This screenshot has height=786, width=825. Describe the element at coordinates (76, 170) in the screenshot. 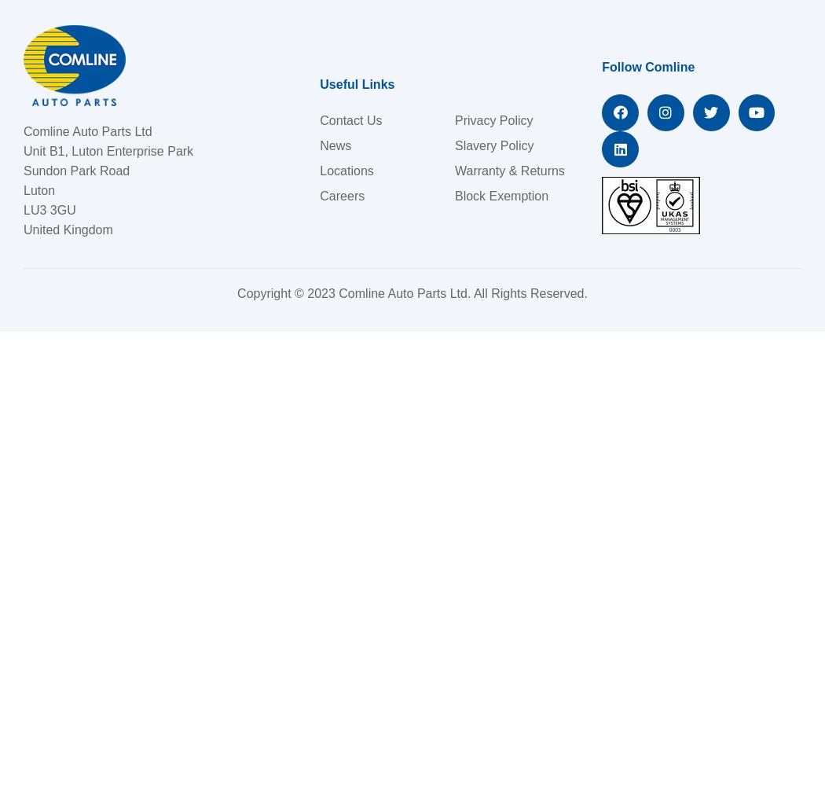

I see `'Sundon Park Road'` at that location.